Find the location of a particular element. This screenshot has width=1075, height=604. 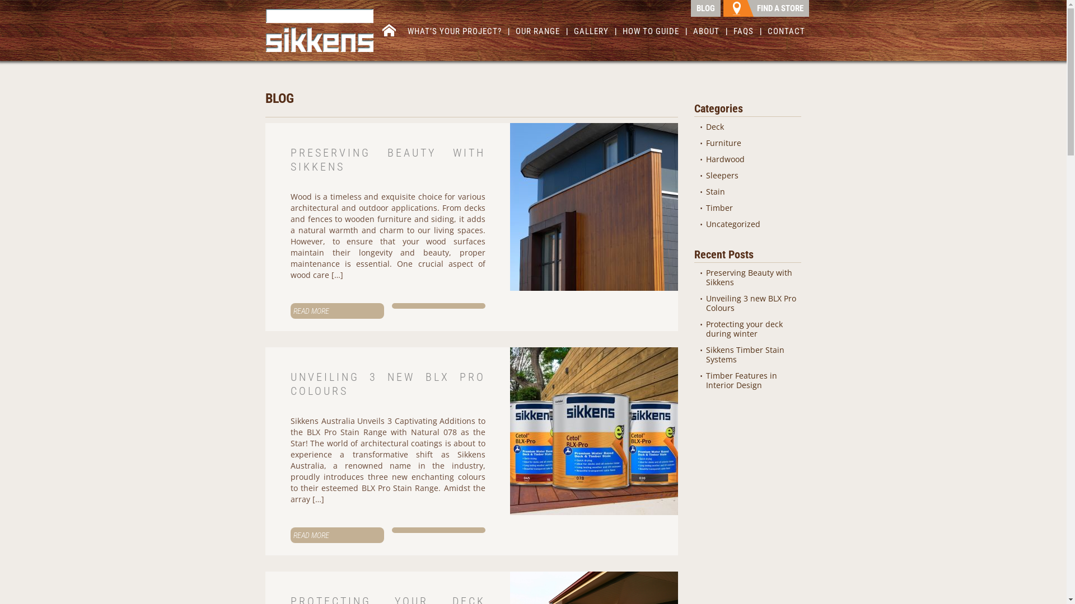

'Sikkens Timber Stain Systems' is located at coordinates (745, 354).